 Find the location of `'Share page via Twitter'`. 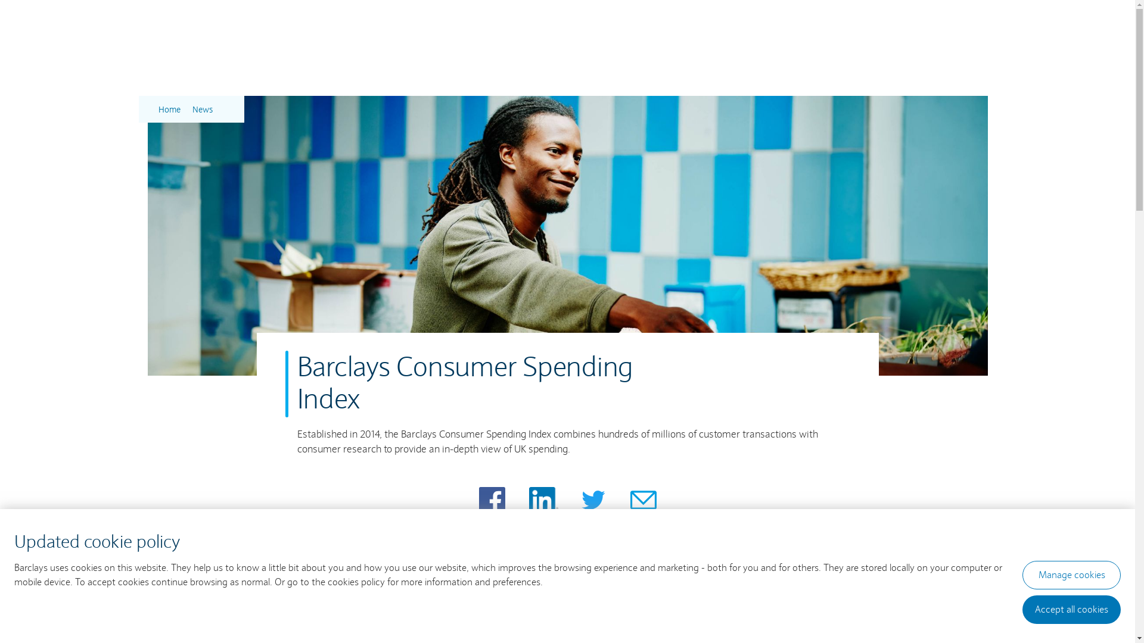

'Share page via Twitter' is located at coordinates (593, 500).